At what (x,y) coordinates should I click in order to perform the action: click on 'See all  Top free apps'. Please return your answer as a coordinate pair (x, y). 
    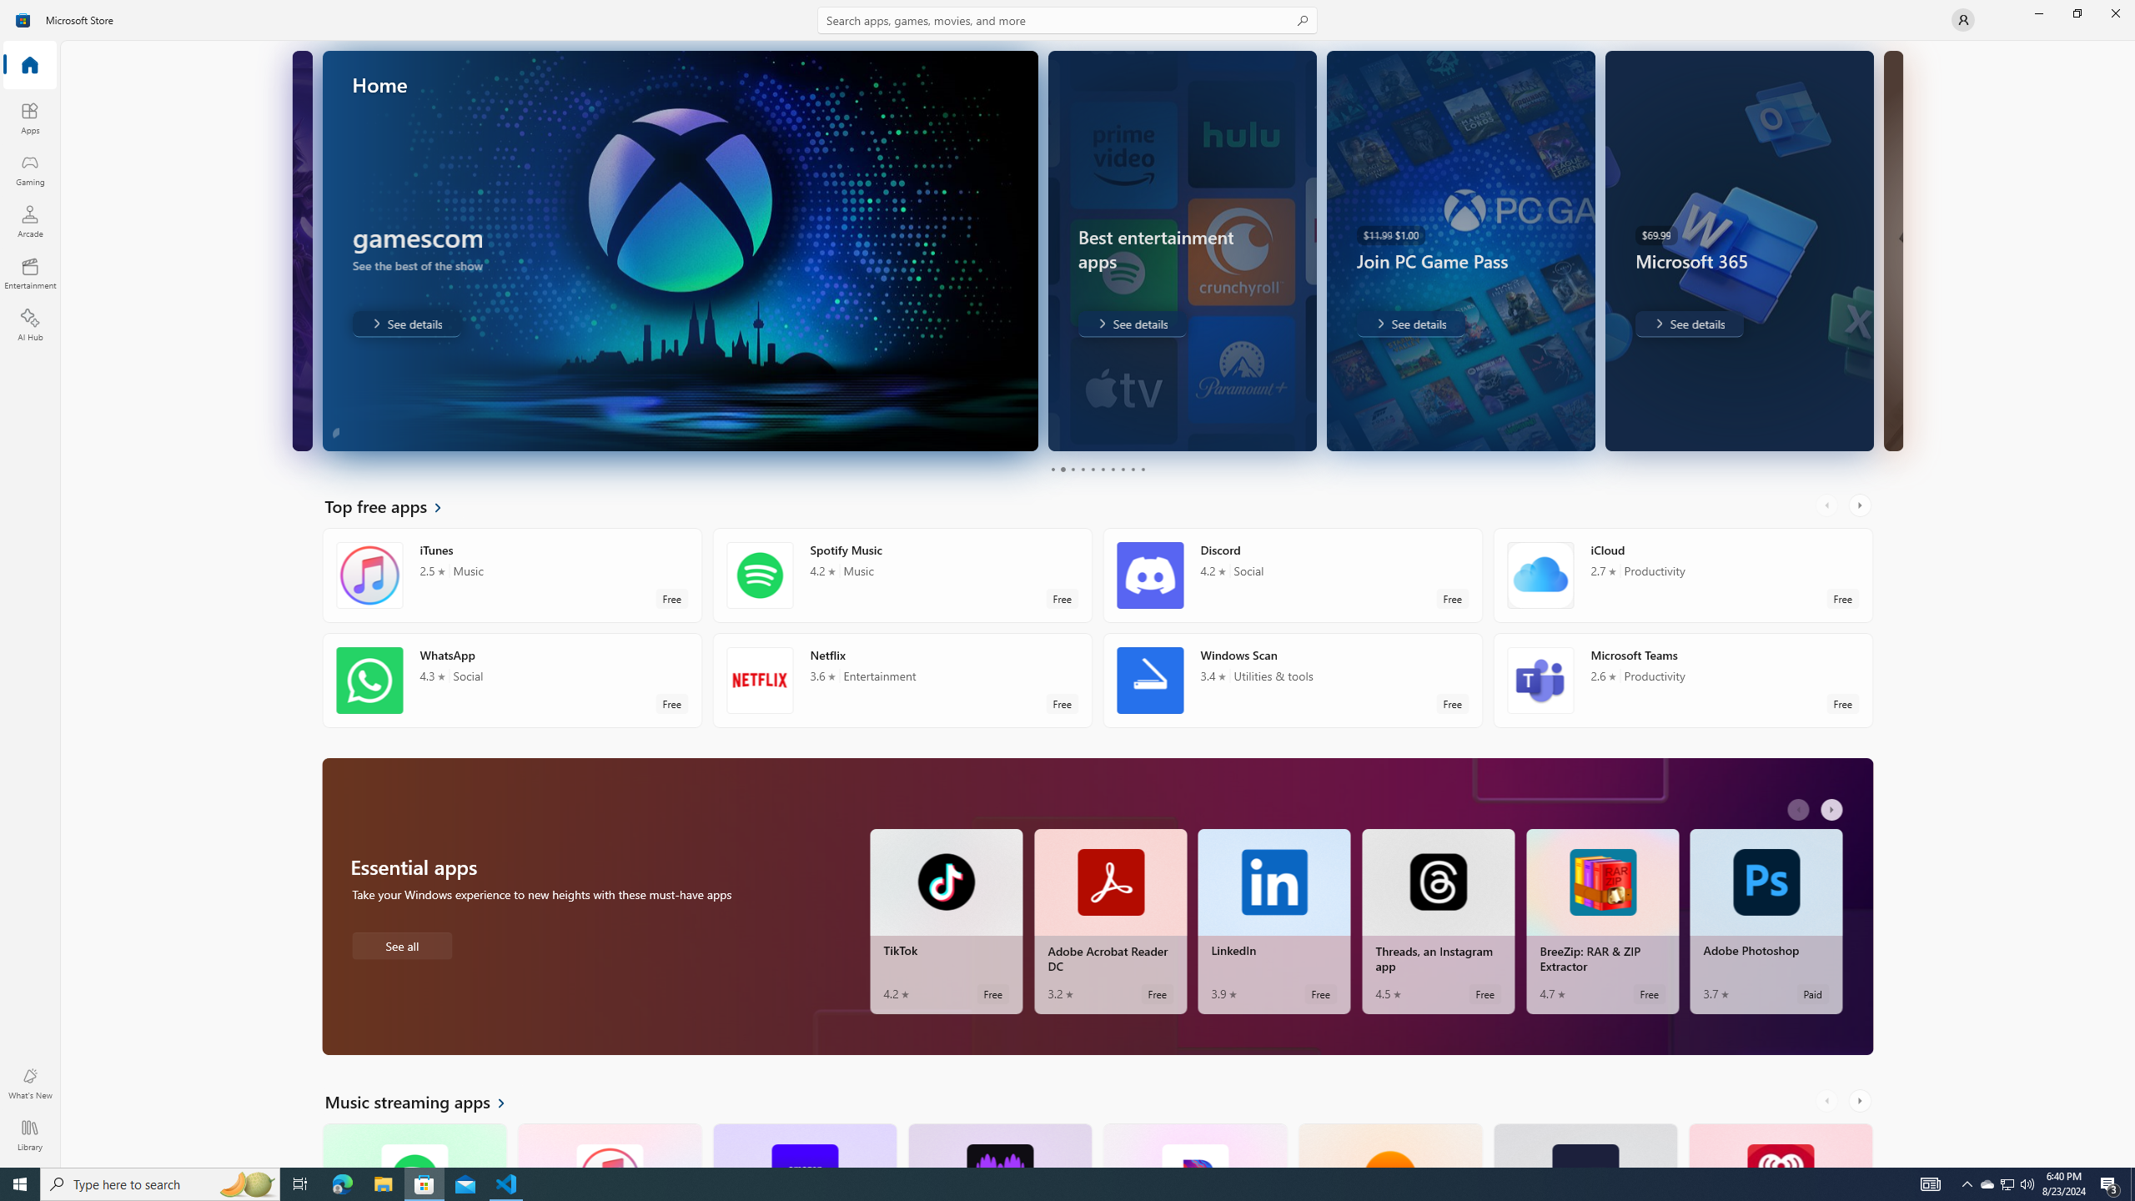
    Looking at the image, I should click on (394, 505).